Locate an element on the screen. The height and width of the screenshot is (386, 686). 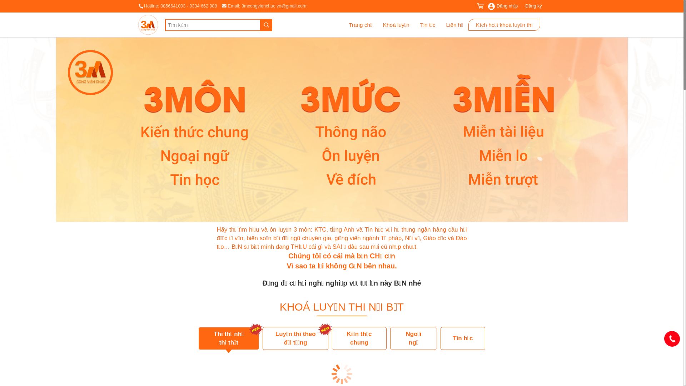
'Hotline: 0856641003 - 0334 662 988' is located at coordinates (138, 6).